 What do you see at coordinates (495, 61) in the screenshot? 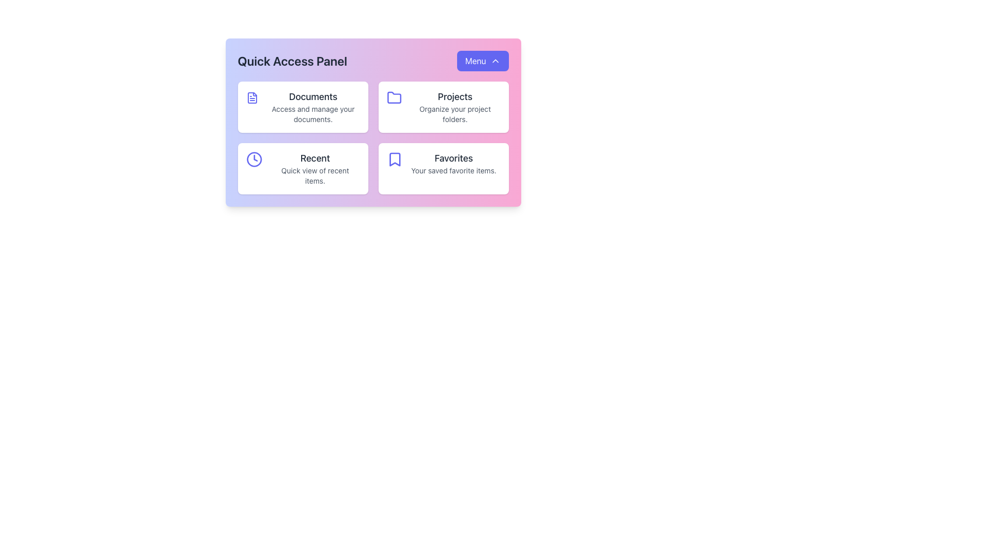
I see `the chevron SVG icon located within the 'Menu' button in the top-right corner of the panel` at bounding box center [495, 61].